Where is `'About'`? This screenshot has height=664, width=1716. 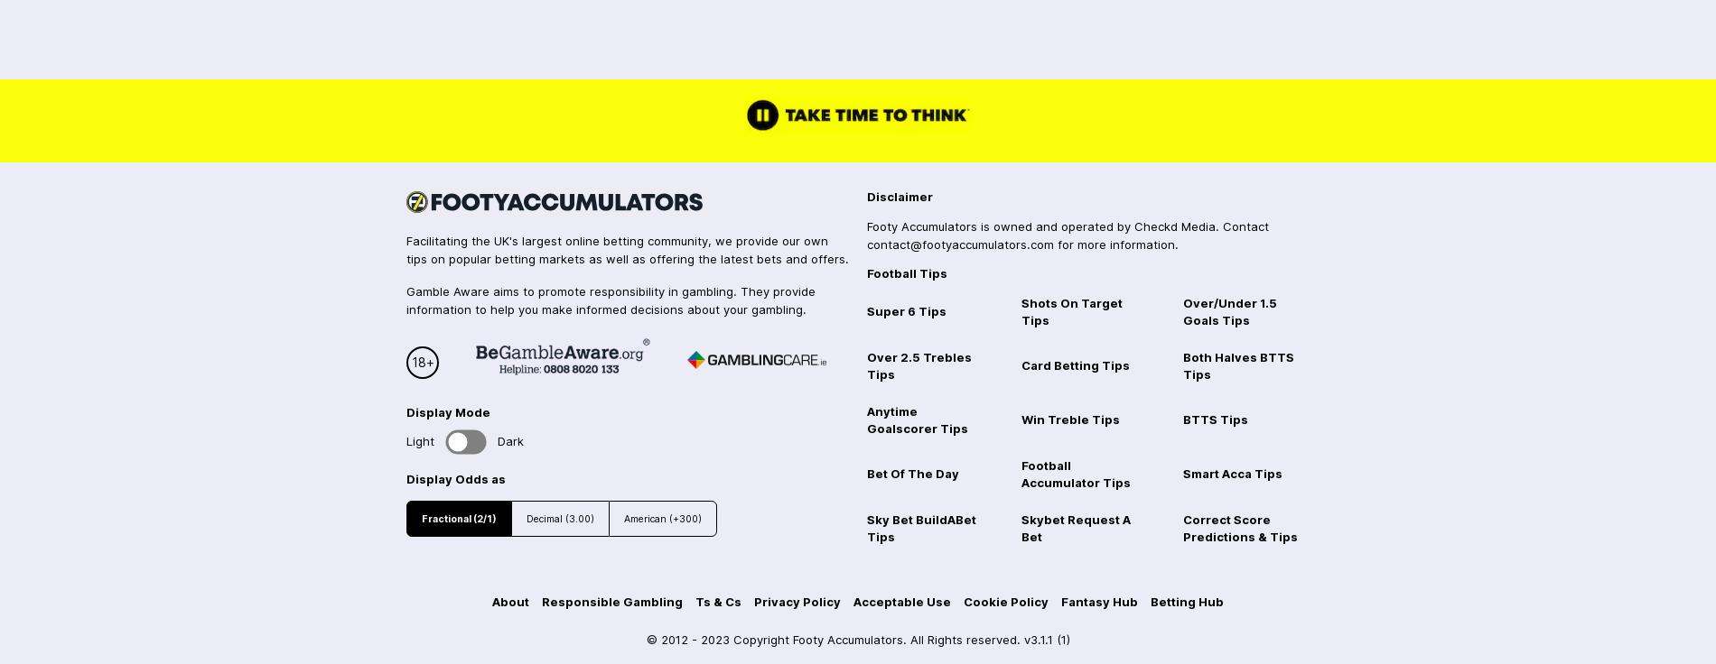
'About' is located at coordinates (510, 600).